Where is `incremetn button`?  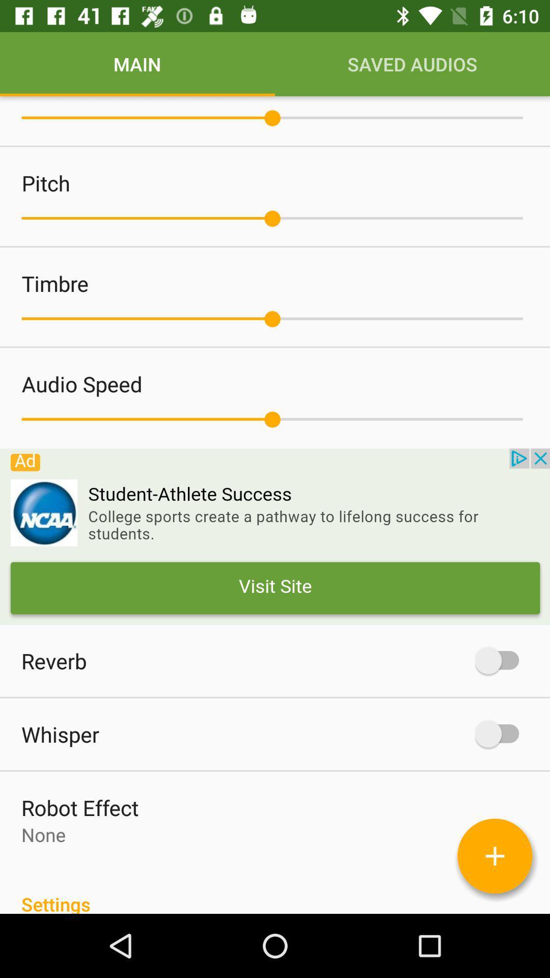
incremetn button is located at coordinates (494, 856).